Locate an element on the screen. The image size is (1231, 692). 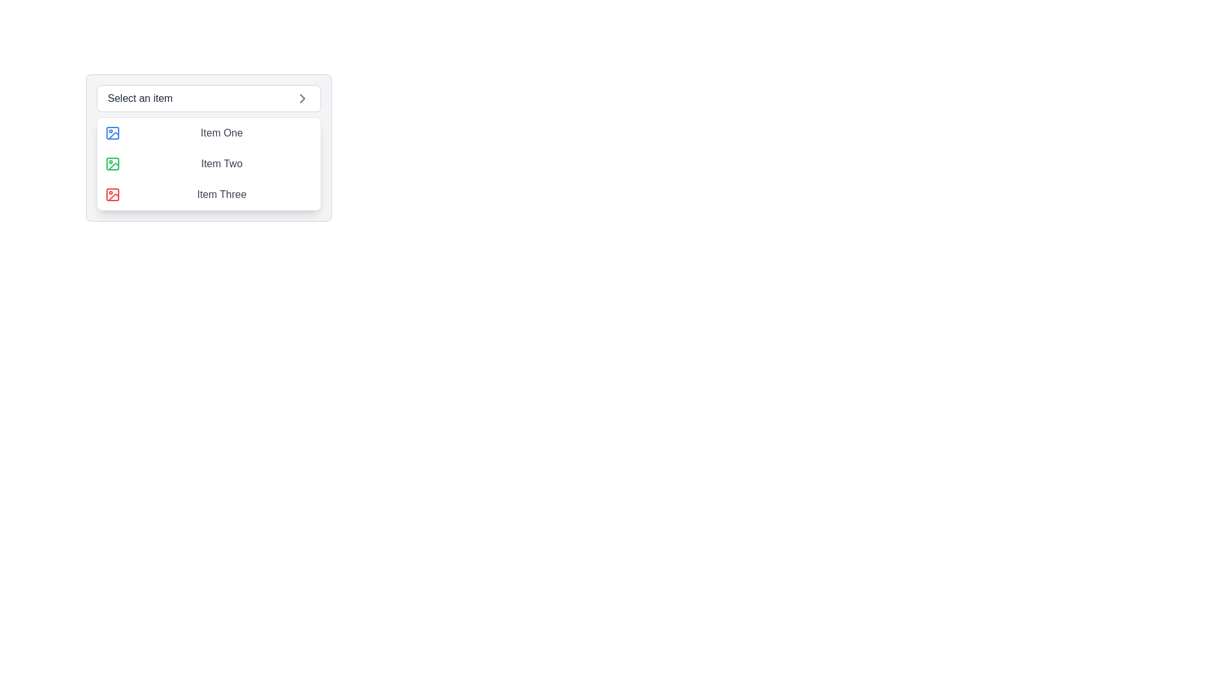
the List Item that contains the text 'Item Two' and a green outlined icon is located at coordinates (209, 163).